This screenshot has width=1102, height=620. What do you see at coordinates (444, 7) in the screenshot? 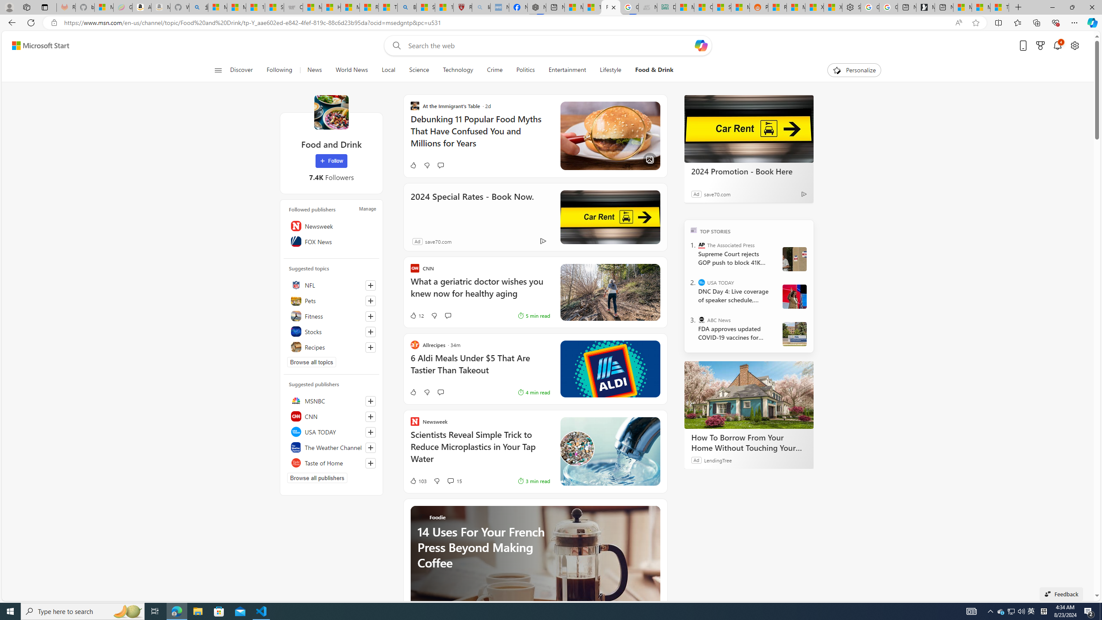
I see `'12 Popular Science Lies that Must be Corrected'` at bounding box center [444, 7].